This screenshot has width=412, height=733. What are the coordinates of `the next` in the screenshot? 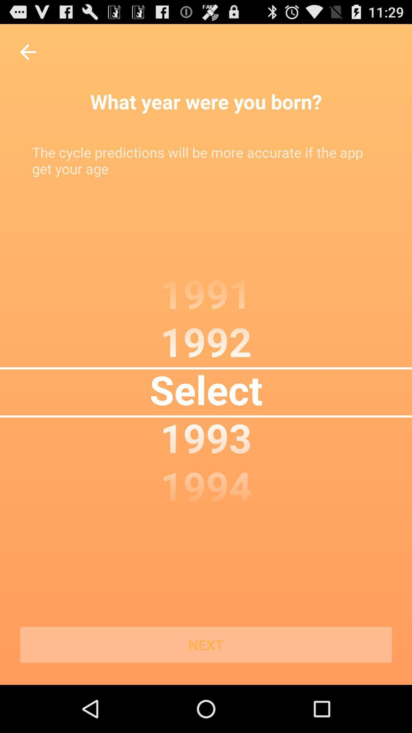 It's located at (206, 644).